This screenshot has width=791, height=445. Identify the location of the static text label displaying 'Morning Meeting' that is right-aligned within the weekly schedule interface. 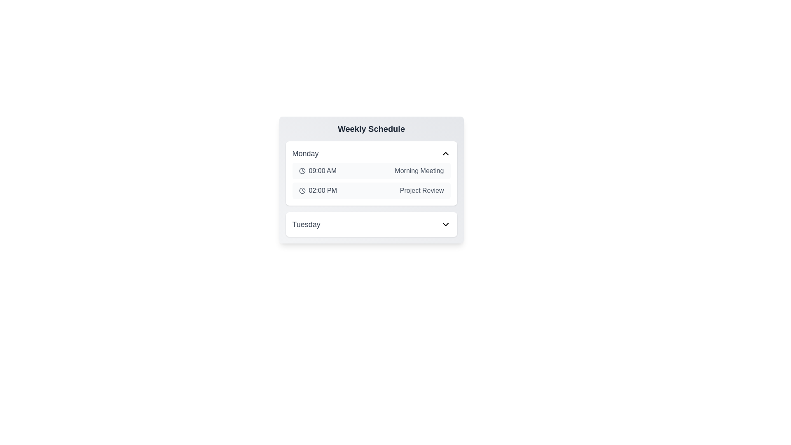
(419, 171).